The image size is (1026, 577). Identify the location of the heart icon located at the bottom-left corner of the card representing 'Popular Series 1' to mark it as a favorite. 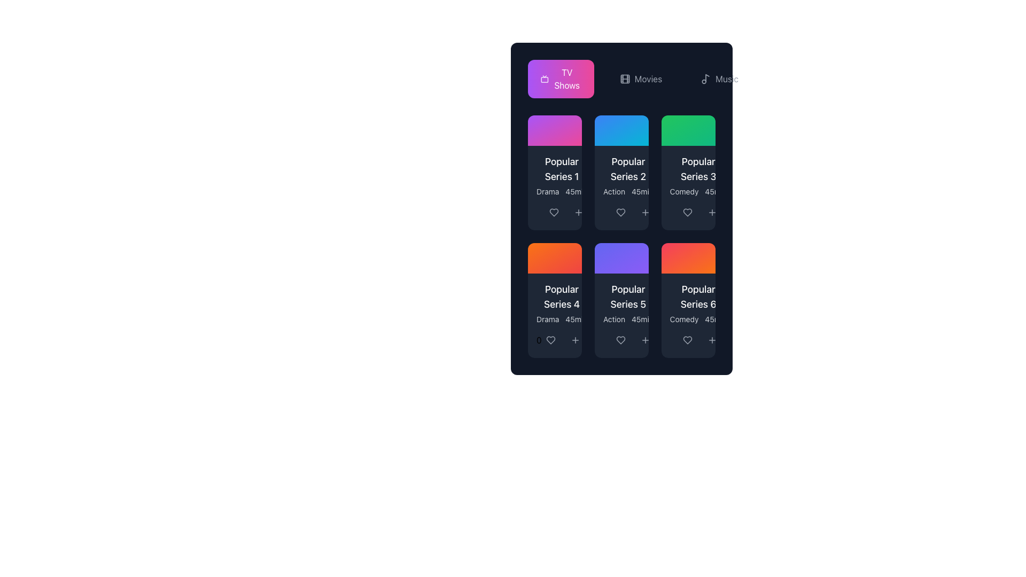
(554, 212).